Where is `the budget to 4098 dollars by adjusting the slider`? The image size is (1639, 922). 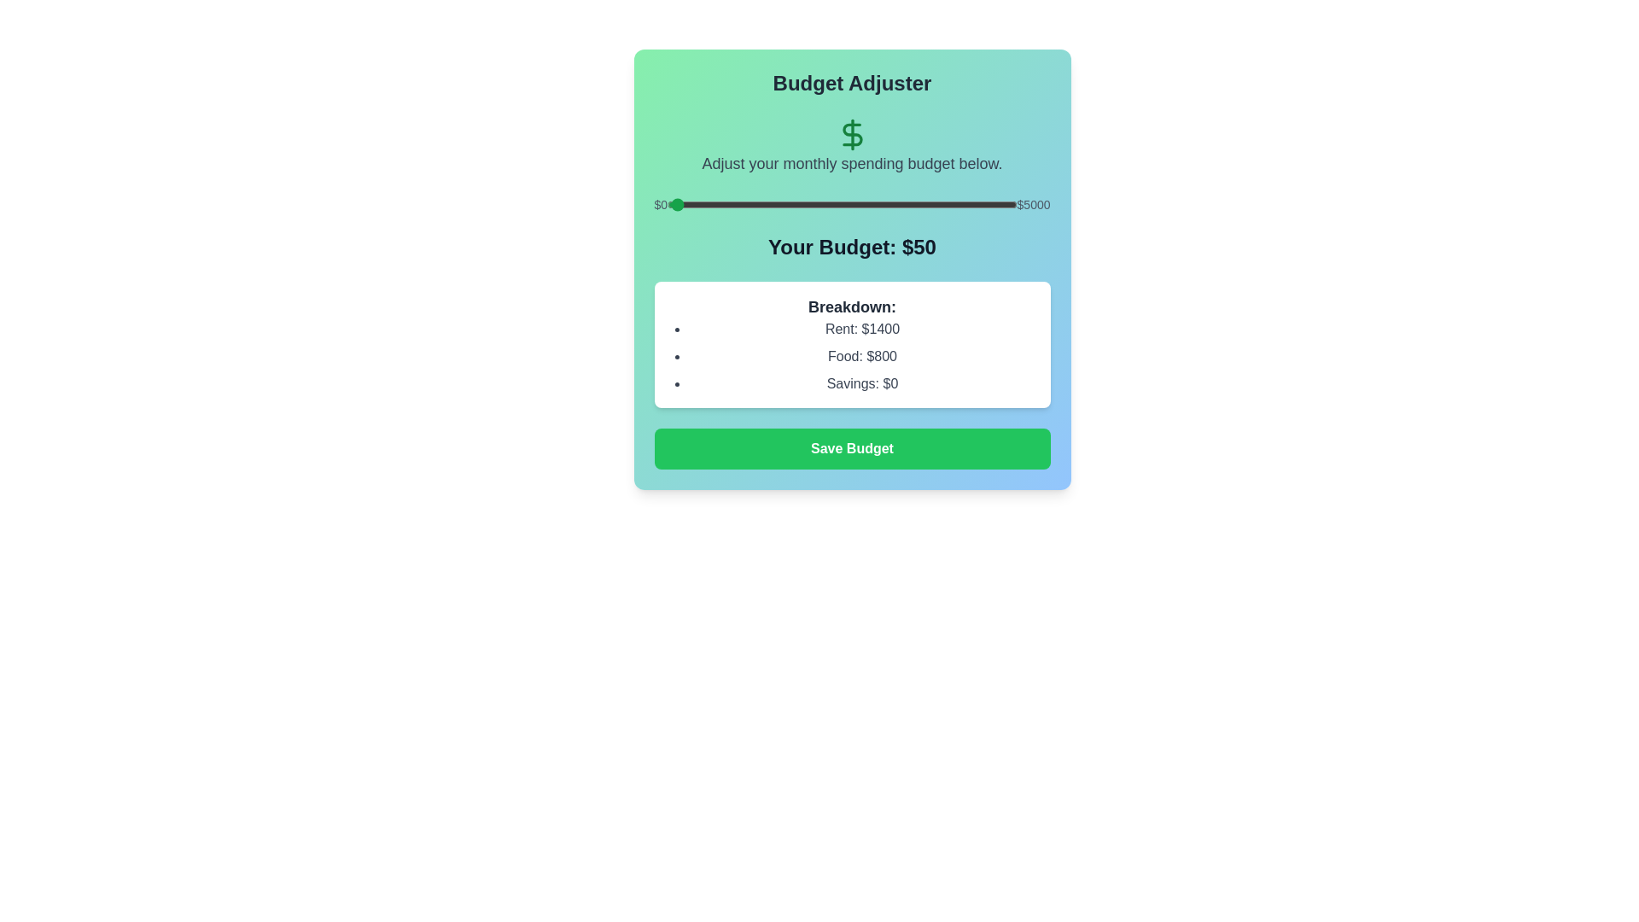 the budget to 4098 dollars by adjusting the slider is located at coordinates (953, 203).